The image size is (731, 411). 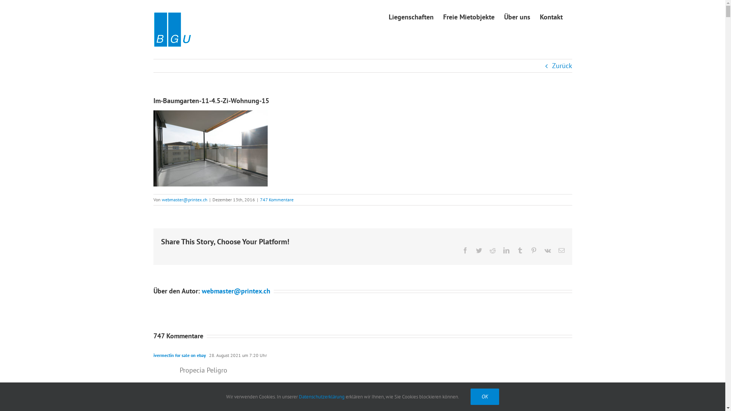 I want to click on 'LinkedIn', so click(x=503, y=250).